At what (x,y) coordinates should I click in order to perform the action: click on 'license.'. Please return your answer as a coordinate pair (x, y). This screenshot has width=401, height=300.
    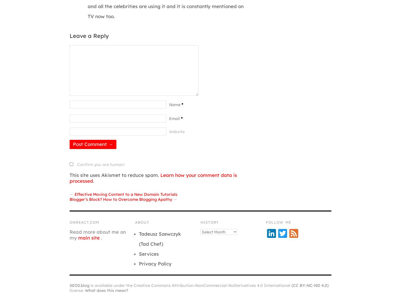
    Looking at the image, I should click on (77, 290).